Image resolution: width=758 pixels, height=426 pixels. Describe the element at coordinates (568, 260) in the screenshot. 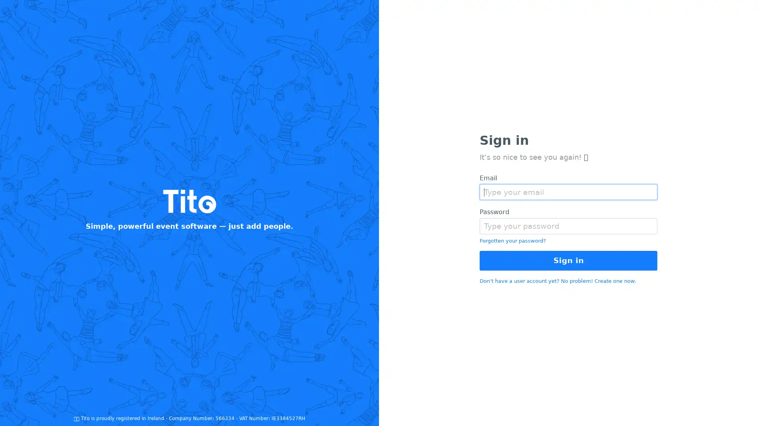

I see `Sign in` at that location.